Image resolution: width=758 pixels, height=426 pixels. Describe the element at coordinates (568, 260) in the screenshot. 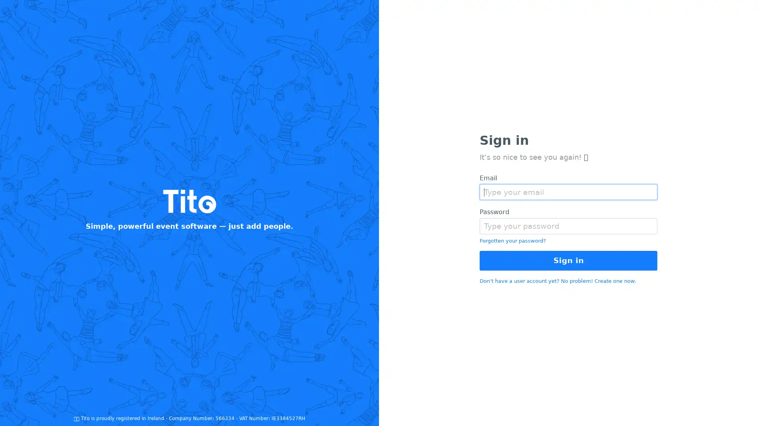

I see `Sign in` at that location.